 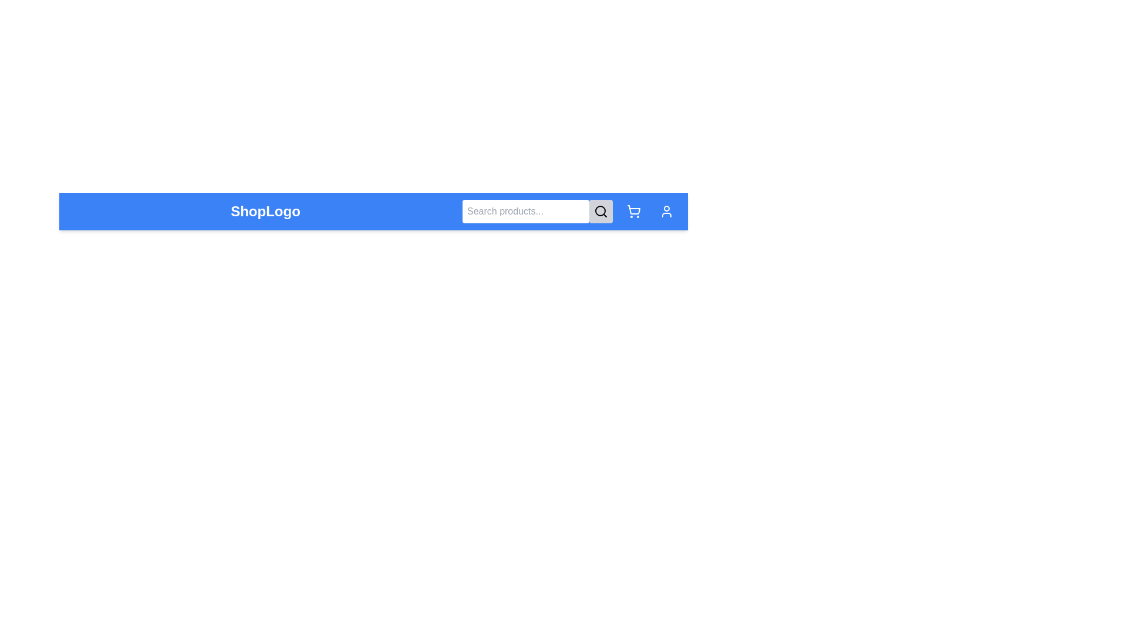 I want to click on the search button to toggle the search bar visibility, so click(x=600, y=212).